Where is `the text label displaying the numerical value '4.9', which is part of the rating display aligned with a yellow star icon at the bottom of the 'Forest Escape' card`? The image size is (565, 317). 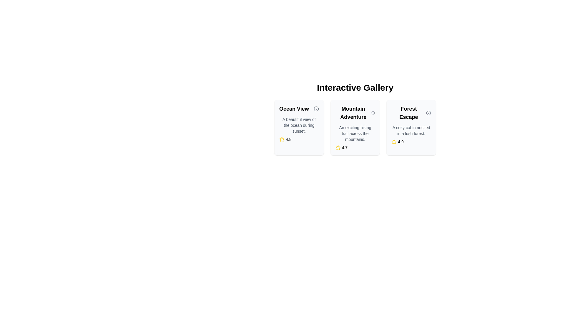 the text label displaying the numerical value '4.9', which is part of the rating display aligned with a yellow star icon at the bottom of the 'Forest Escape' card is located at coordinates (401, 141).